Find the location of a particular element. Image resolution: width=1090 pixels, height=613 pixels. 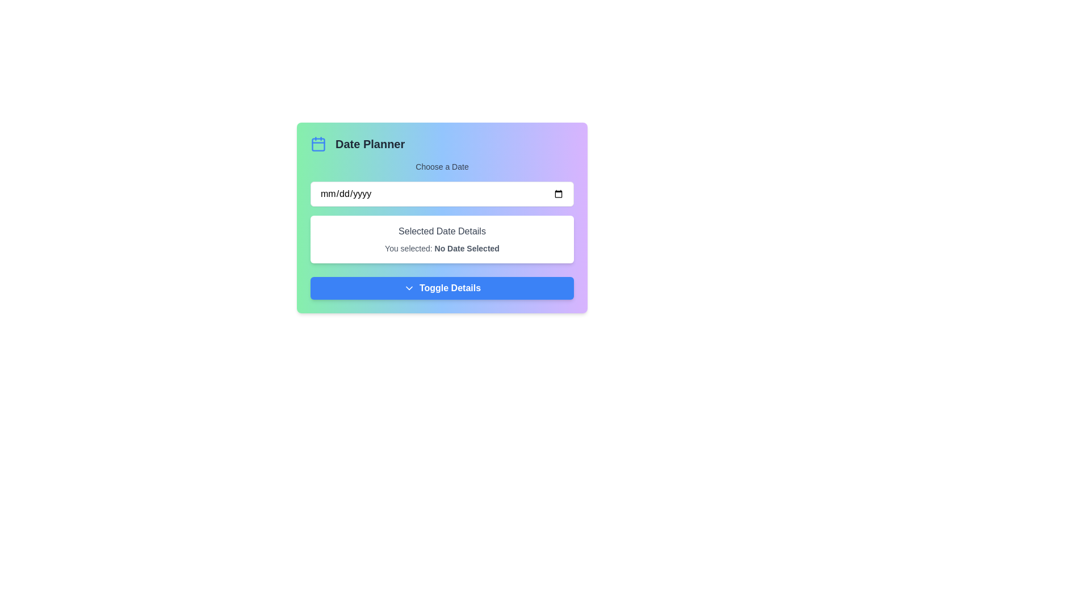

the Date picker input field labeled 'Choose a Date' is located at coordinates (441, 183).